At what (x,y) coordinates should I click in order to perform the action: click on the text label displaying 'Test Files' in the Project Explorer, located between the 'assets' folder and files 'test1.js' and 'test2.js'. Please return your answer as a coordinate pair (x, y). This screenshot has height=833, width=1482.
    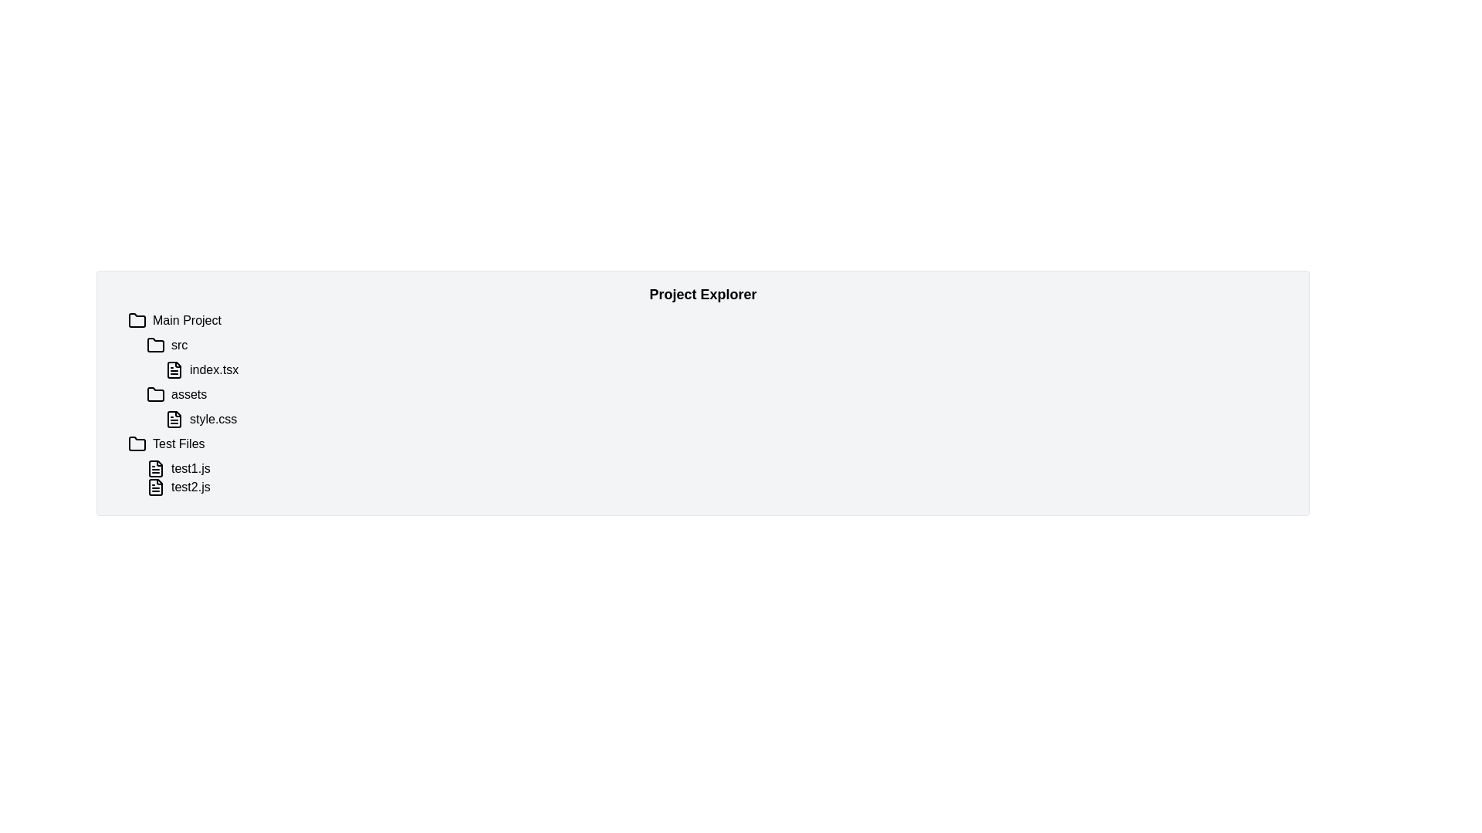
    Looking at the image, I should click on (178, 443).